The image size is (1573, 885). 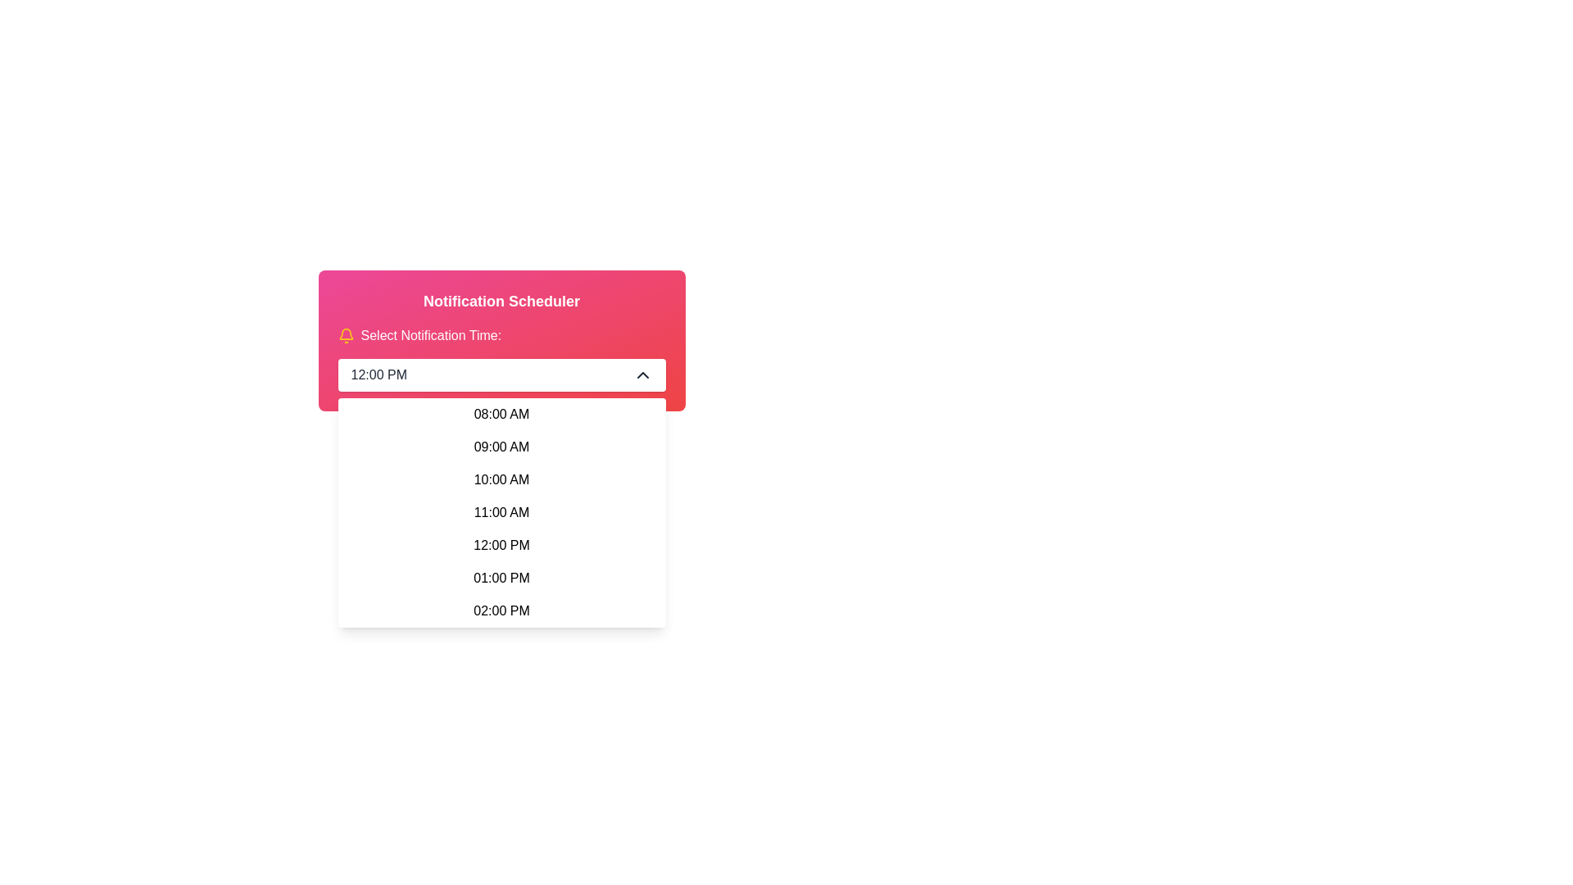 I want to click on the '09:00 AM' selectable option in the dropdown list, so click(x=501, y=447).